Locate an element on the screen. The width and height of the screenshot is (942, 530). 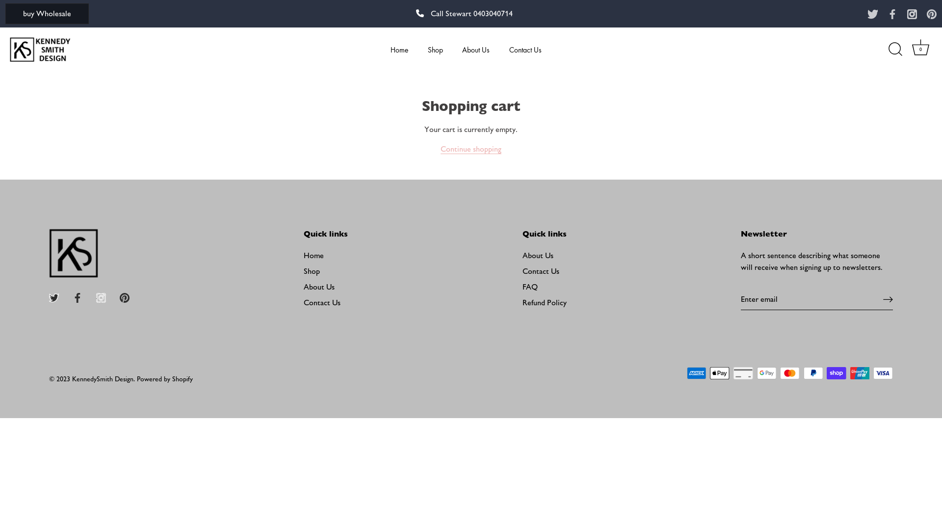
'Cart is located at coordinates (920, 49).